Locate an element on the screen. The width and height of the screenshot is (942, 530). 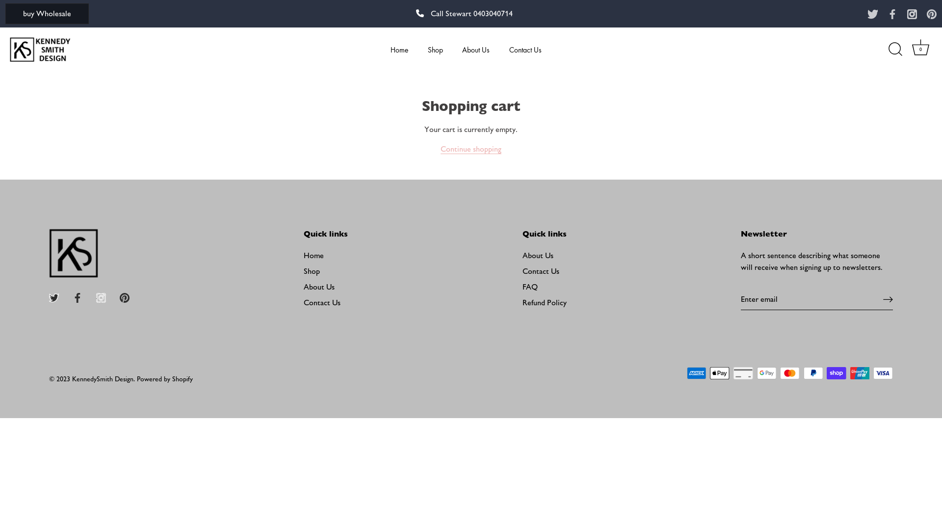
'Cart is located at coordinates (920, 49).